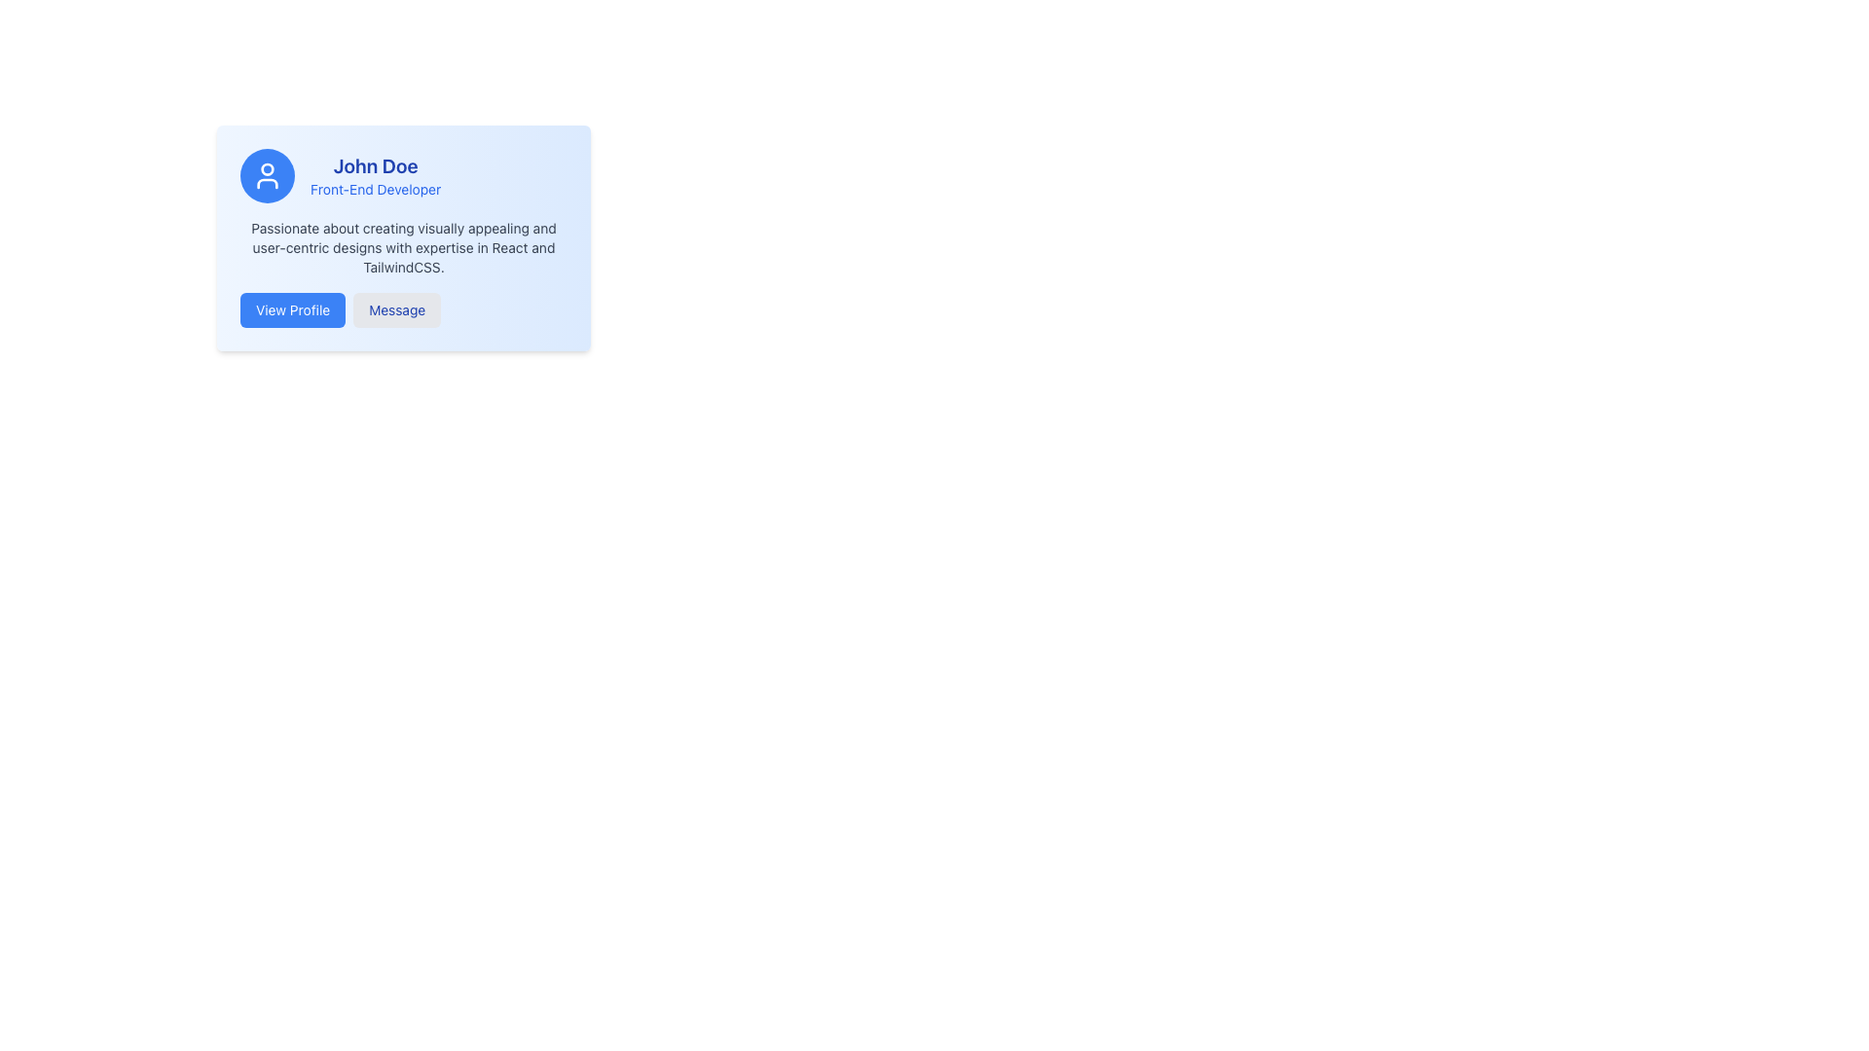 The height and width of the screenshot is (1051, 1869). Describe the element at coordinates (376, 164) in the screenshot. I see `the text label displaying 'John Doe' which is styled in a large bold font and blue color, located at the top of the profile card layout` at that location.